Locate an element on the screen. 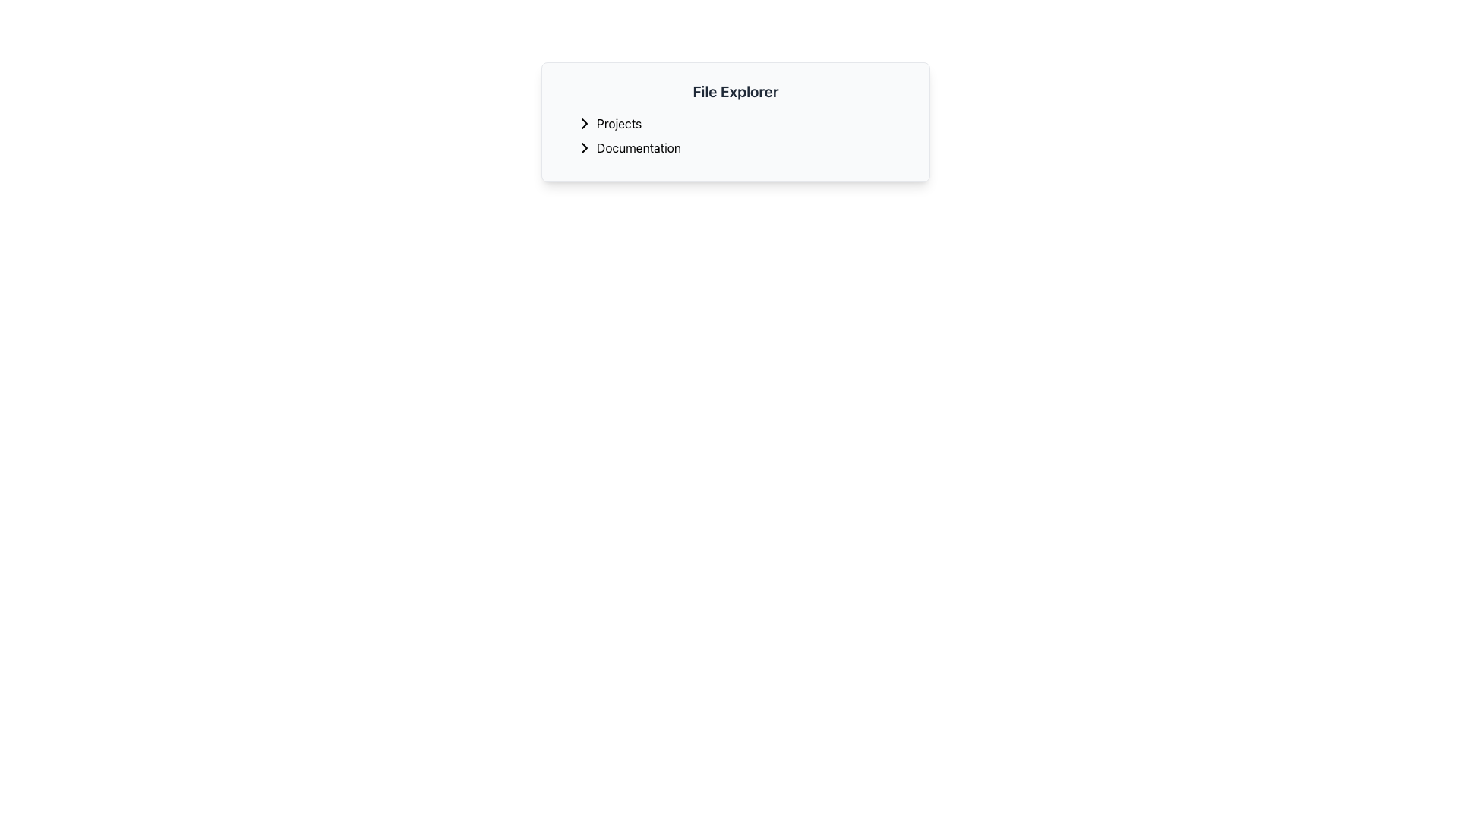 The height and width of the screenshot is (820, 1458). the 'Documentation' clickable list item, which is the second item is located at coordinates (743, 148).